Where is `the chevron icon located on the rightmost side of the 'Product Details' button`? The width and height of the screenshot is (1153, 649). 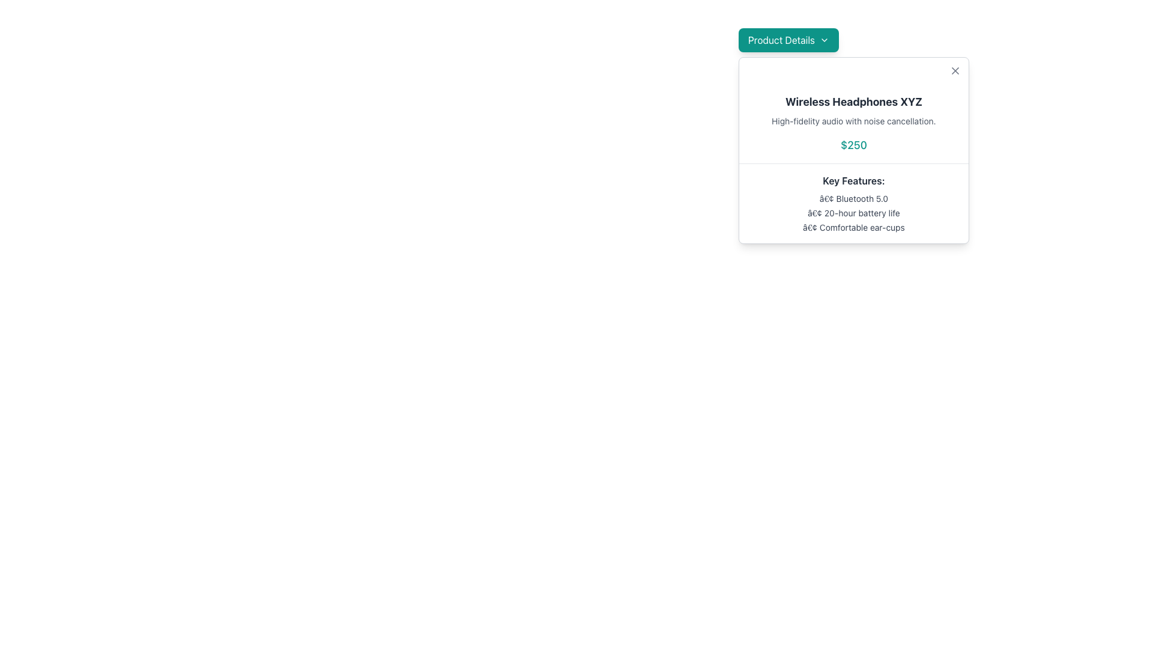 the chevron icon located on the rightmost side of the 'Product Details' button is located at coordinates (823, 39).